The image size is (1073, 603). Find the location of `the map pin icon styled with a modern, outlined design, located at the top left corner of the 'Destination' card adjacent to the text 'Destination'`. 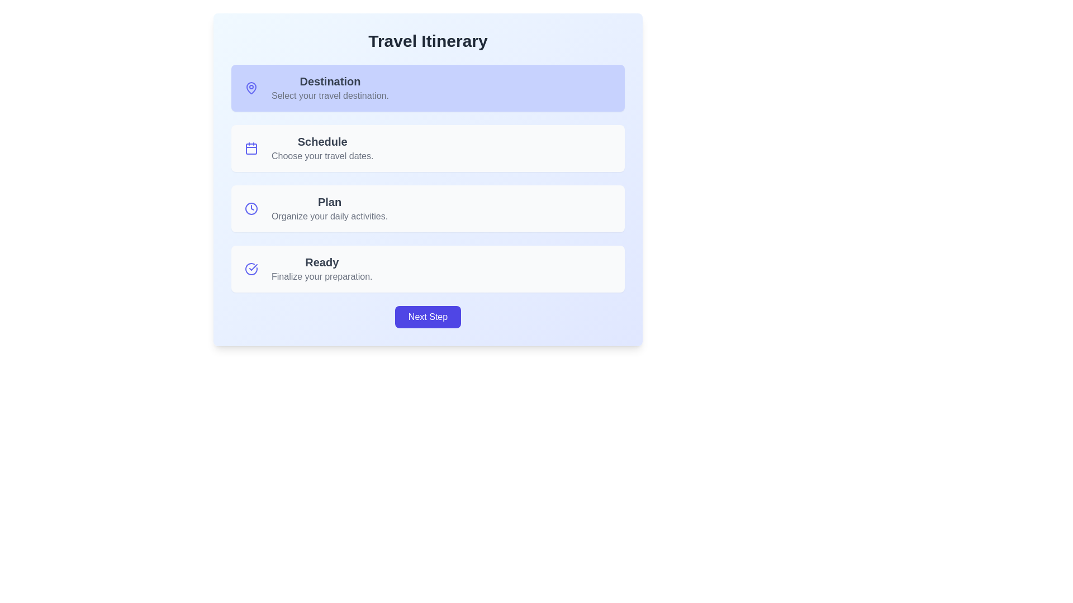

the map pin icon styled with a modern, outlined design, located at the top left corner of the 'Destination' card adjacent to the text 'Destination' is located at coordinates (251, 88).